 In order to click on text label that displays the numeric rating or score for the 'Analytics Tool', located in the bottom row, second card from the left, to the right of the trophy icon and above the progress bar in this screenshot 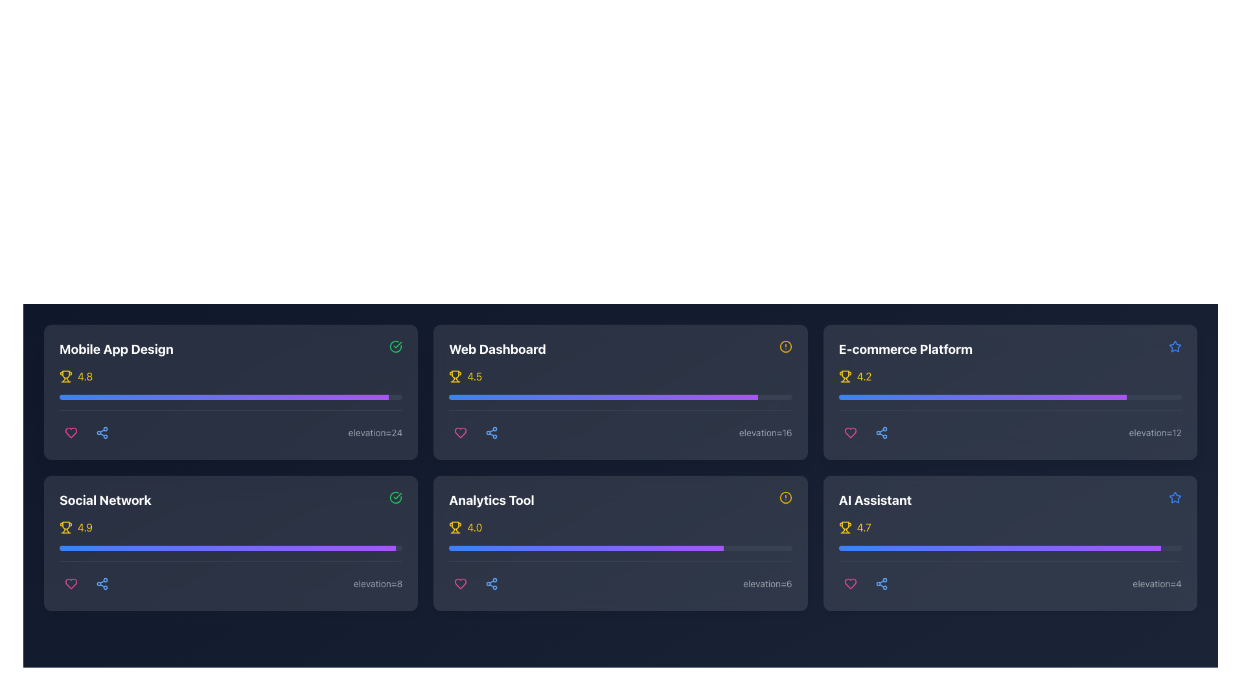, I will do `click(474, 527)`.